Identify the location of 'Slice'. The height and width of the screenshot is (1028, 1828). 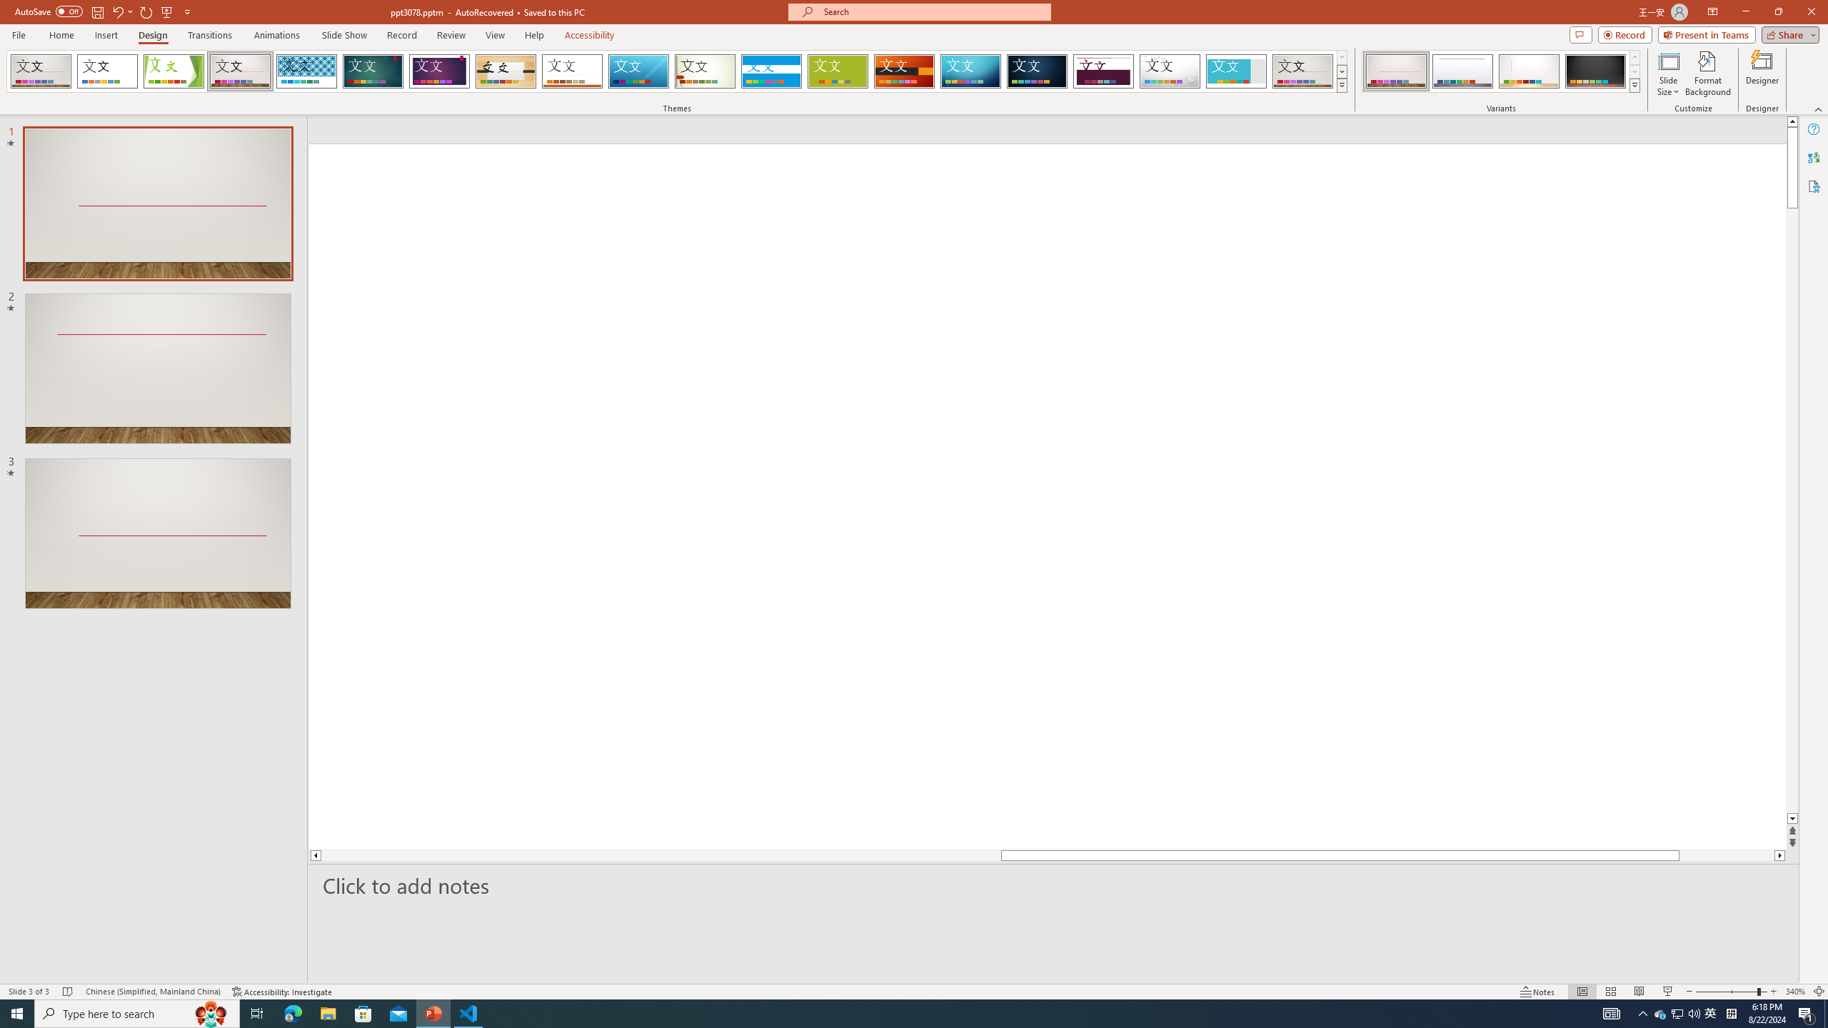
(638, 71).